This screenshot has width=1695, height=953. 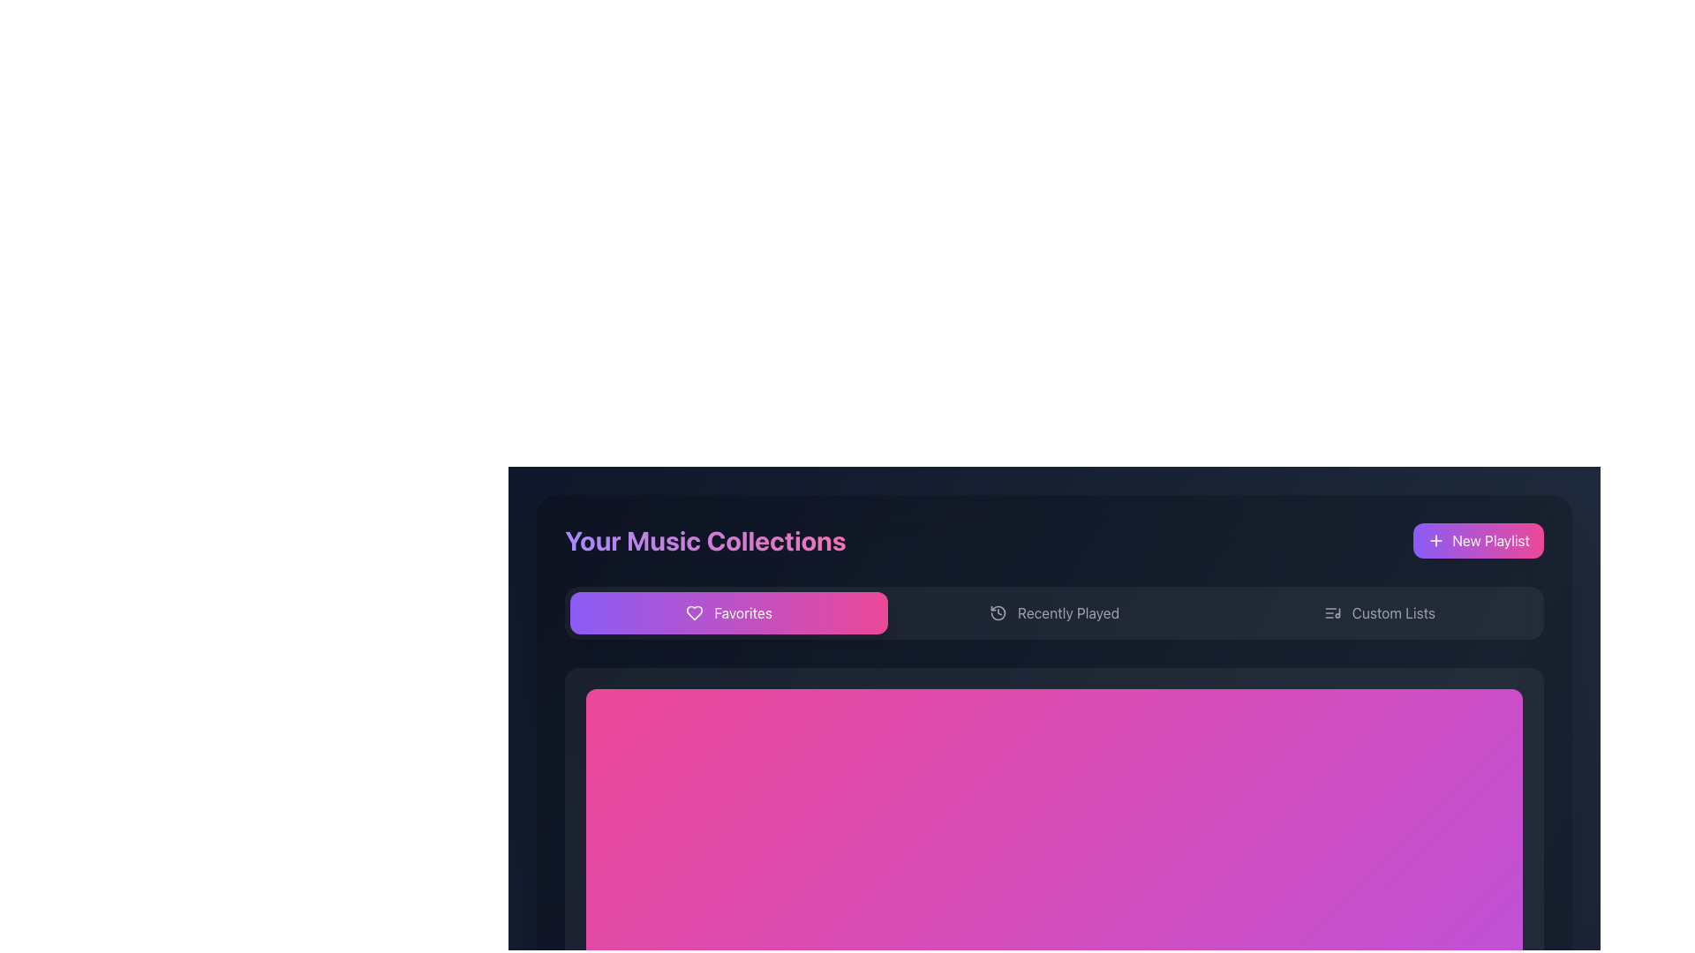 I want to click on the second clickable button in the navigation bar, which serves as a navigation button for recently played items, so click(x=1054, y=612).